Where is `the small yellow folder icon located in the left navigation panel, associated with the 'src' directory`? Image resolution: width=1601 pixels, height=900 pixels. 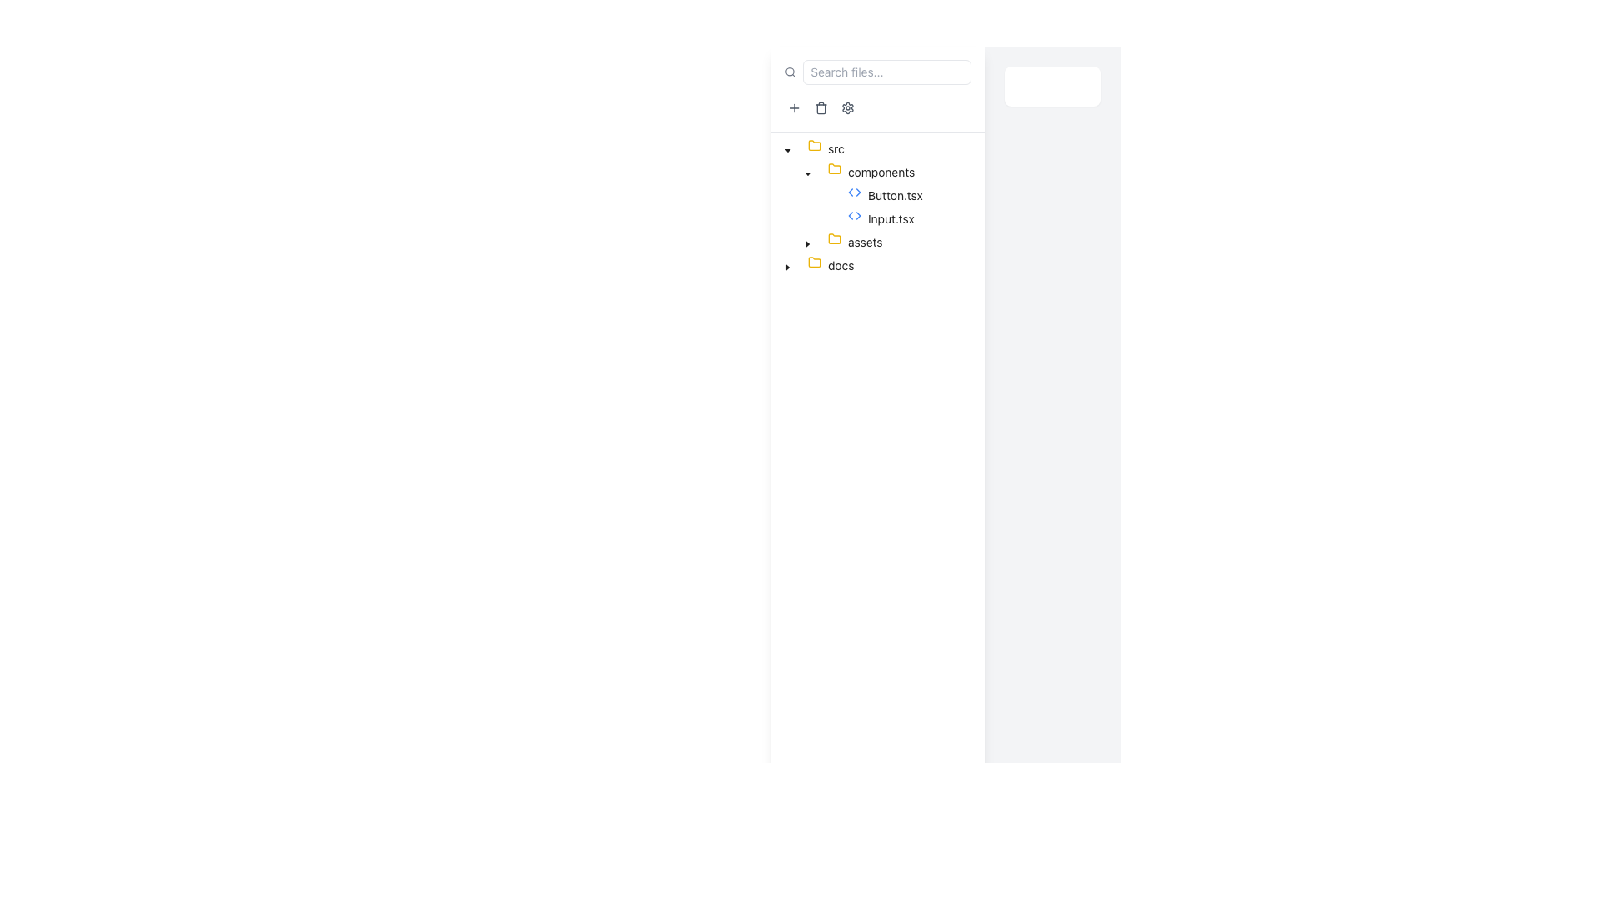
the small yellow folder icon located in the left navigation panel, associated with the 'src' directory is located at coordinates (815, 144).